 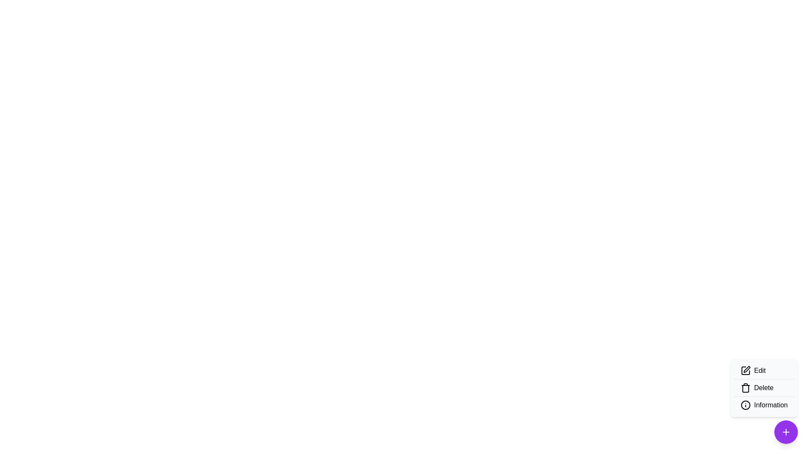 I want to click on the 'Information' menu item in the dropdown menu, so click(x=764, y=404).